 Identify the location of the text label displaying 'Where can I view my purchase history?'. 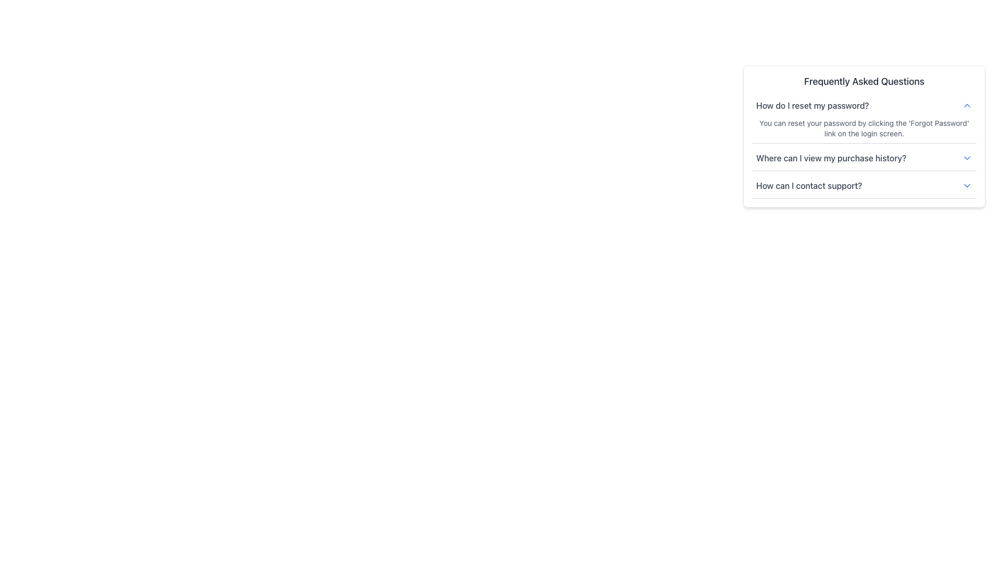
(831, 158).